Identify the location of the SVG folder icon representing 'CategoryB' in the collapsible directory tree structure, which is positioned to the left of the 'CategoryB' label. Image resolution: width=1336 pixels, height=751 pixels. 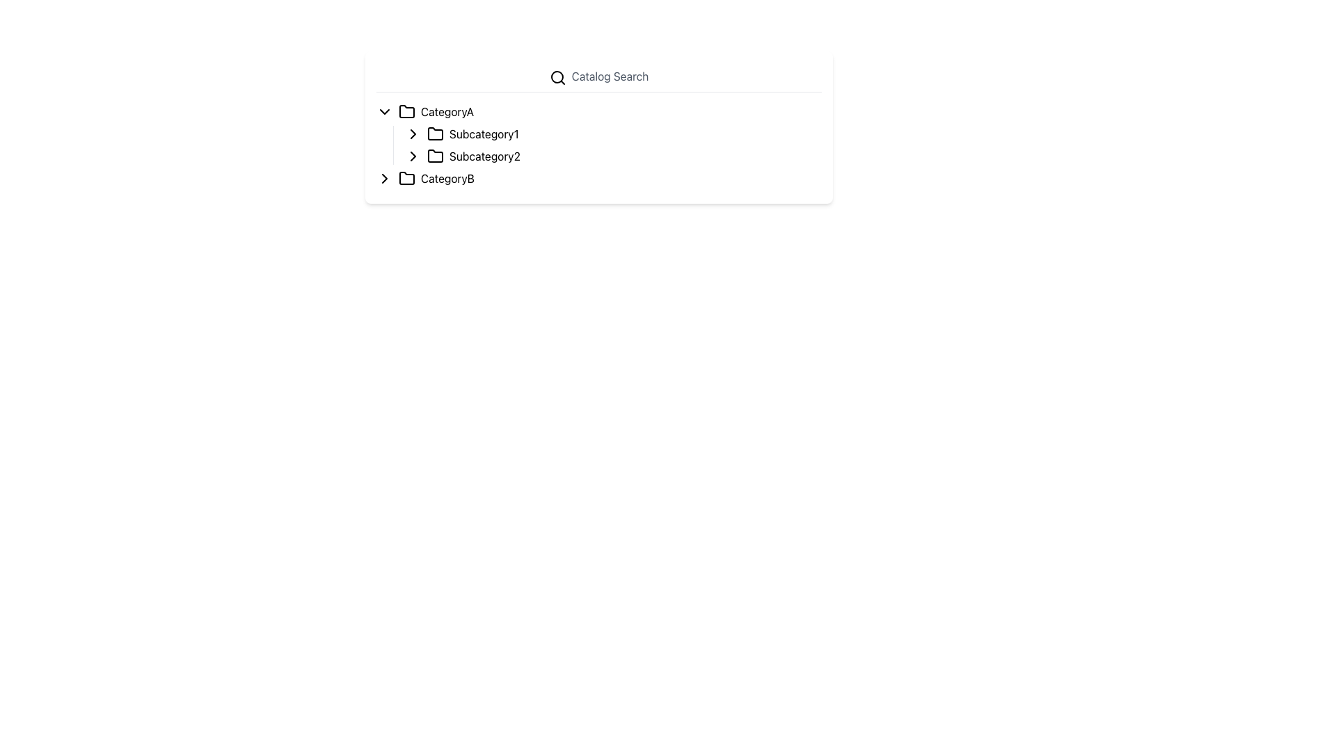
(406, 177).